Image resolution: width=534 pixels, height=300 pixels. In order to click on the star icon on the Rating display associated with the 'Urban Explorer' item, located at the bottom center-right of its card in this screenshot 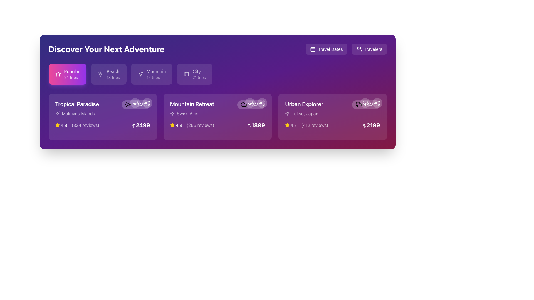, I will do `click(291, 125)`.